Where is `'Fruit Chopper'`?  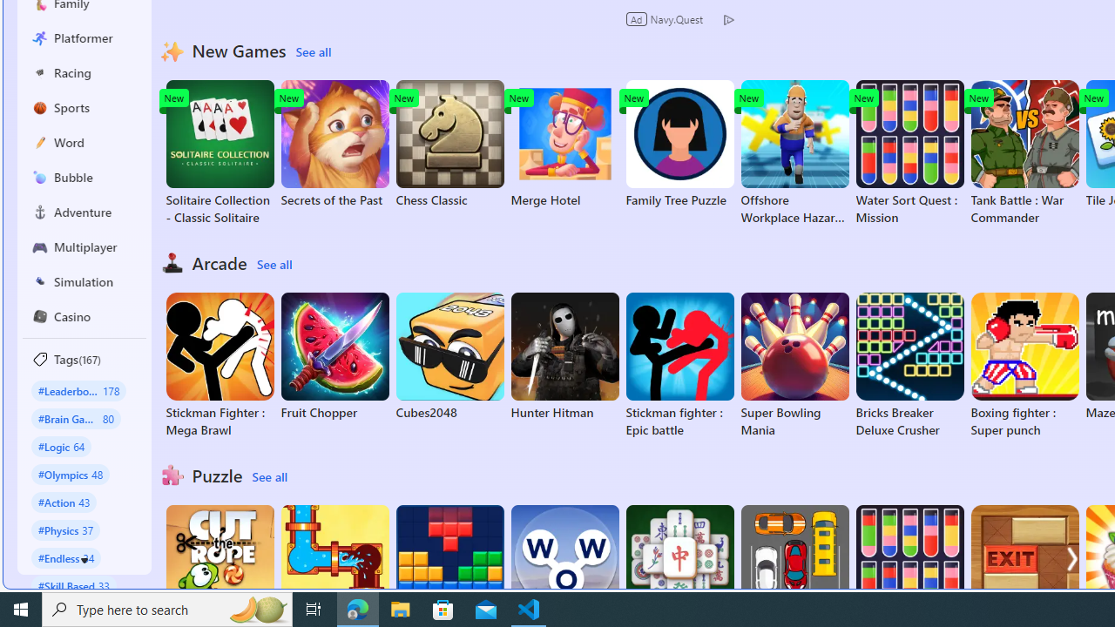 'Fruit Chopper' is located at coordinates (334, 356).